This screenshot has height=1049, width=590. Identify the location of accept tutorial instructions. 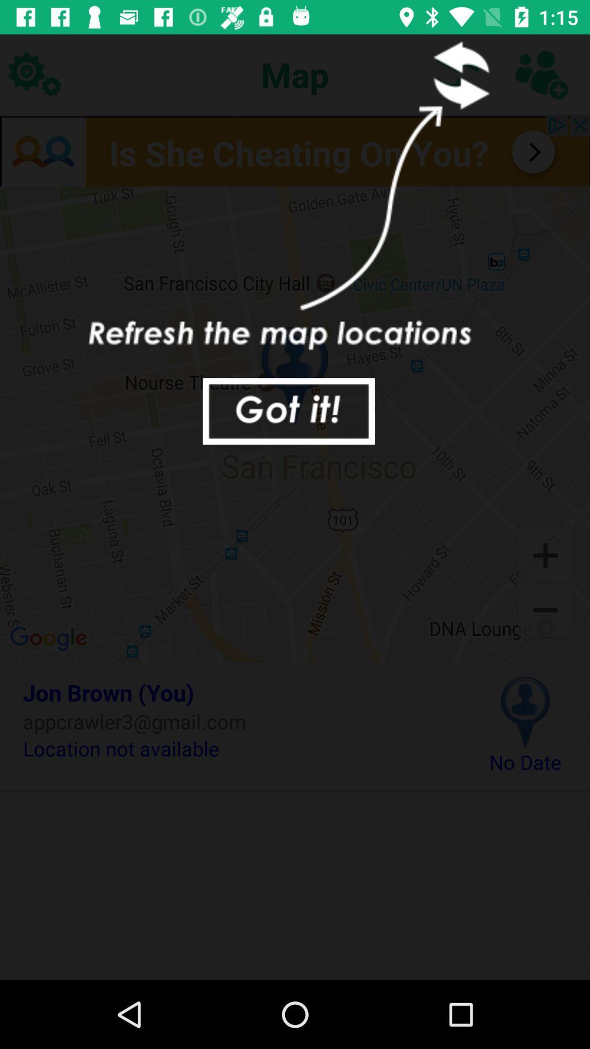
(288, 411).